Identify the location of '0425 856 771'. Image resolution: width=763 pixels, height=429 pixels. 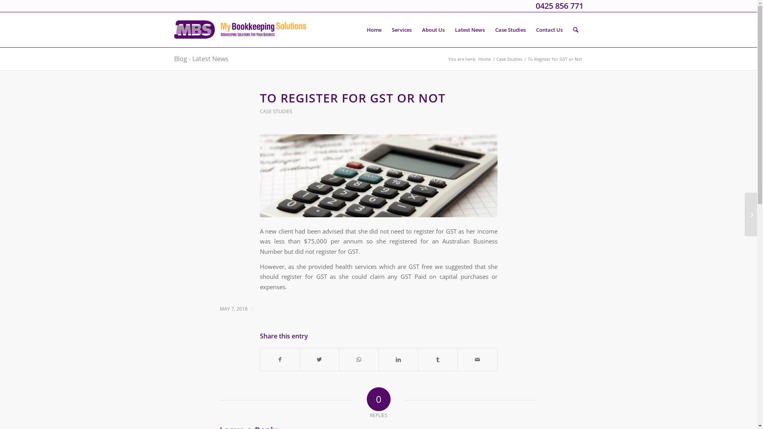
(536, 6).